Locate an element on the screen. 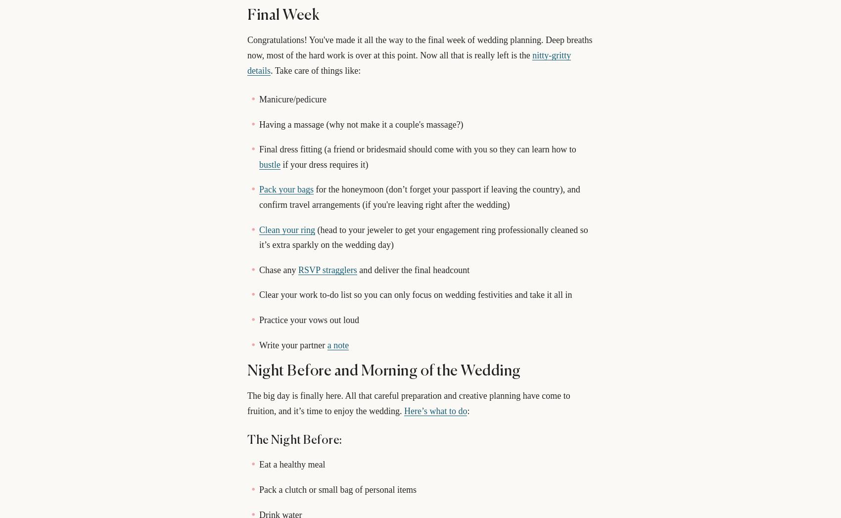 This screenshot has width=841, height=518. 'RSVP stragglers' is located at coordinates (327, 269).